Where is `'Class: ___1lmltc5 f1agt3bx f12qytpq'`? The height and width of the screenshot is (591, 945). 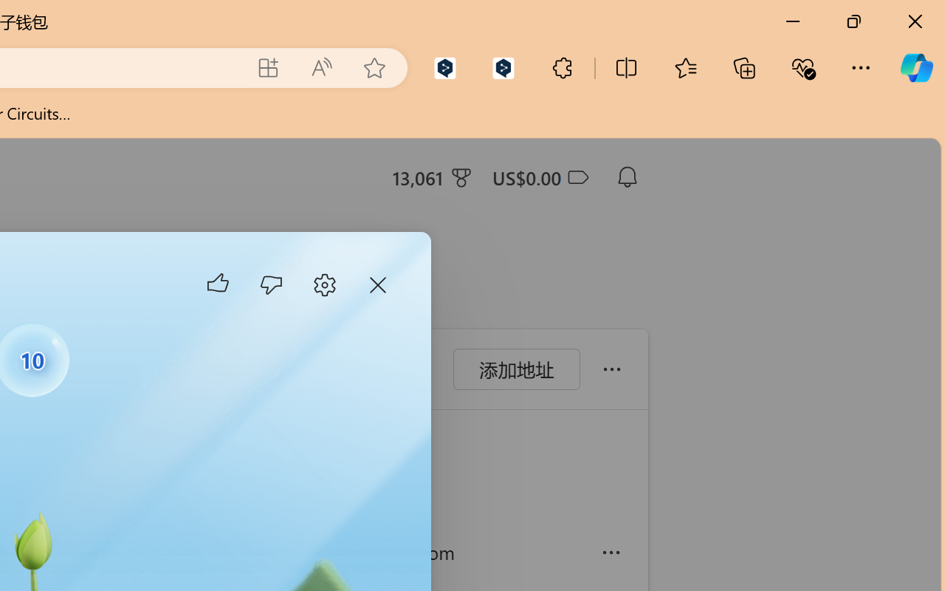 'Class: ___1lmltc5 f1agt3bx f12qytpq' is located at coordinates (576, 177).